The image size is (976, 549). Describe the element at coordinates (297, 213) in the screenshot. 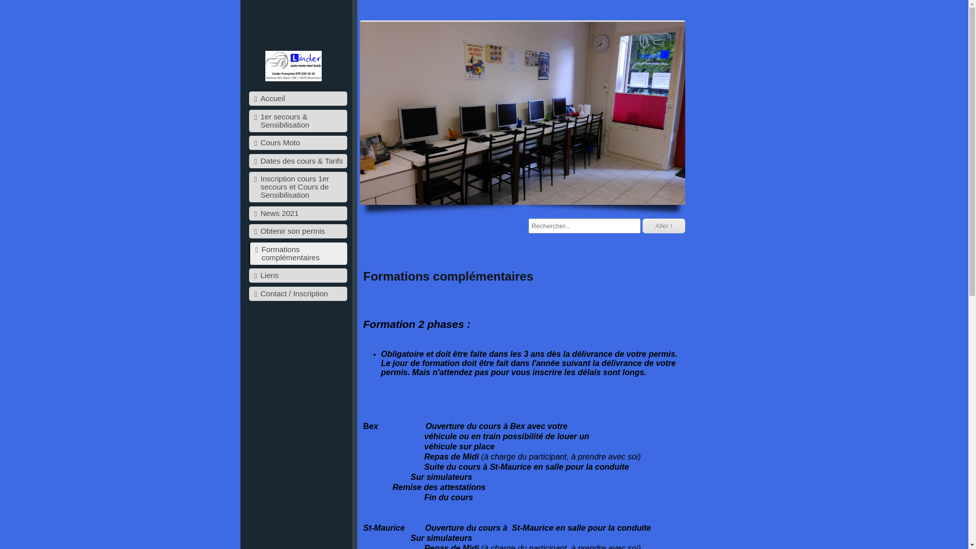

I see `'News 2021'` at that location.